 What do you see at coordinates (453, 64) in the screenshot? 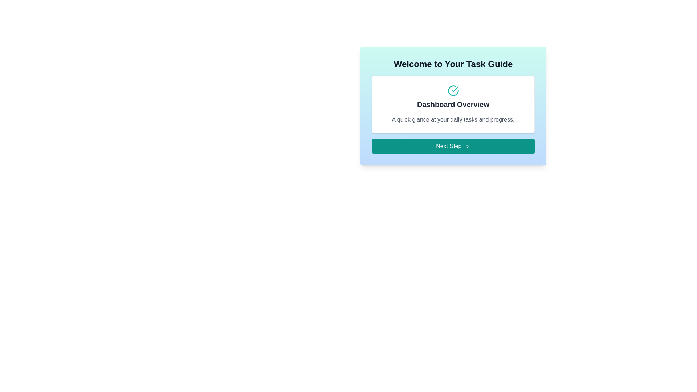
I see `the heading text element that says 'Welcome to Your Task Guide', which is bold and centered at the top of a card-like section` at bounding box center [453, 64].